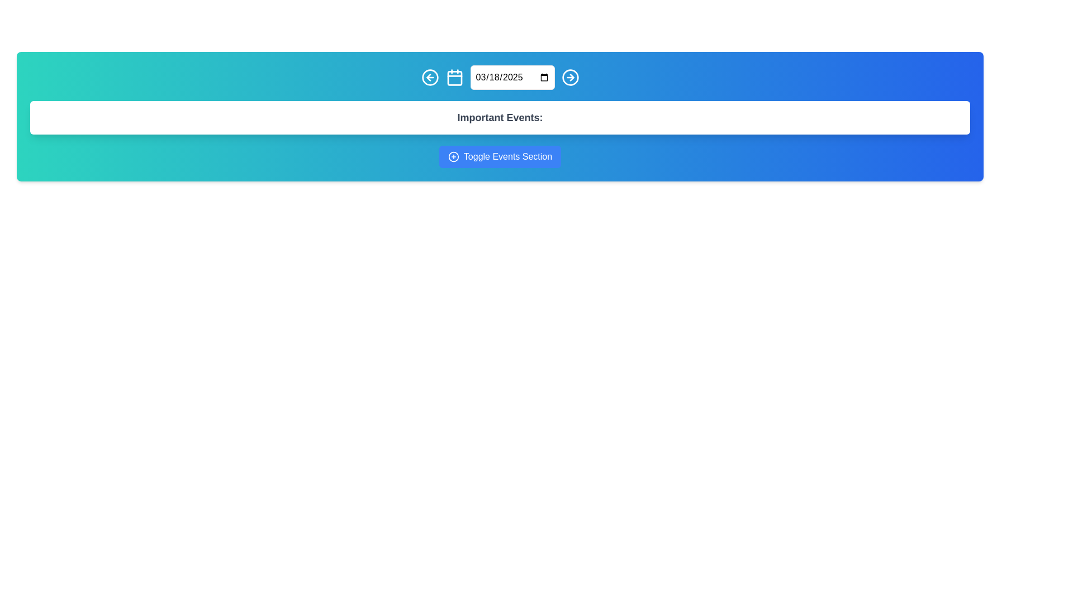  What do you see at coordinates (454, 78) in the screenshot?
I see `the calendar icon located at the top bar of the application` at bounding box center [454, 78].